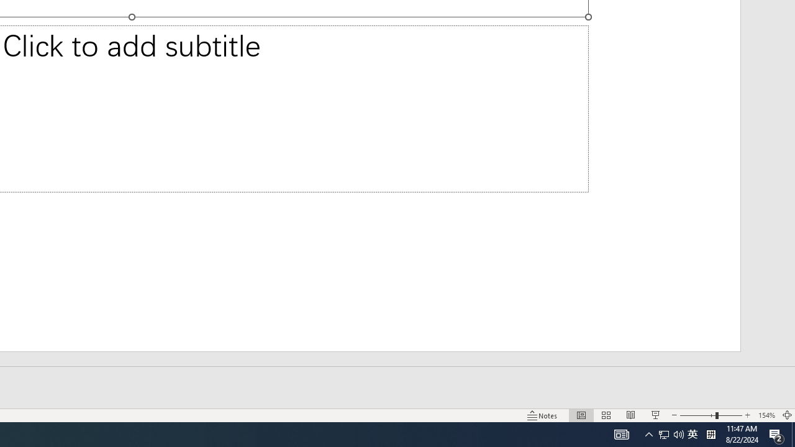 This screenshot has width=795, height=447. I want to click on 'Zoom 154%', so click(766, 415).